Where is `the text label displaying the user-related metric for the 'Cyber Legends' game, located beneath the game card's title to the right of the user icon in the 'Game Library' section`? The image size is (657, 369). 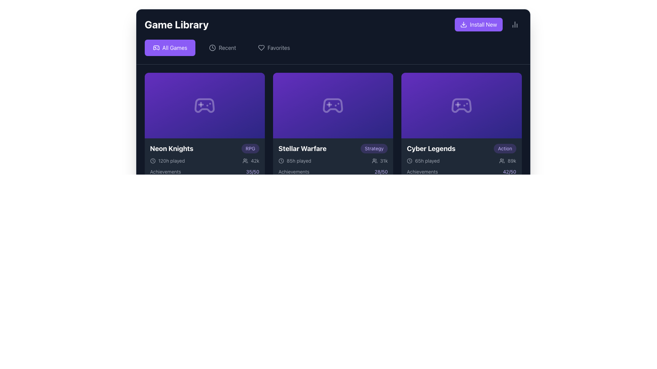
the text label displaying the user-related metric for the 'Cyber Legends' game, located beneath the game card's title to the right of the user icon in the 'Game Library' section is located at coordinates (512, 161).